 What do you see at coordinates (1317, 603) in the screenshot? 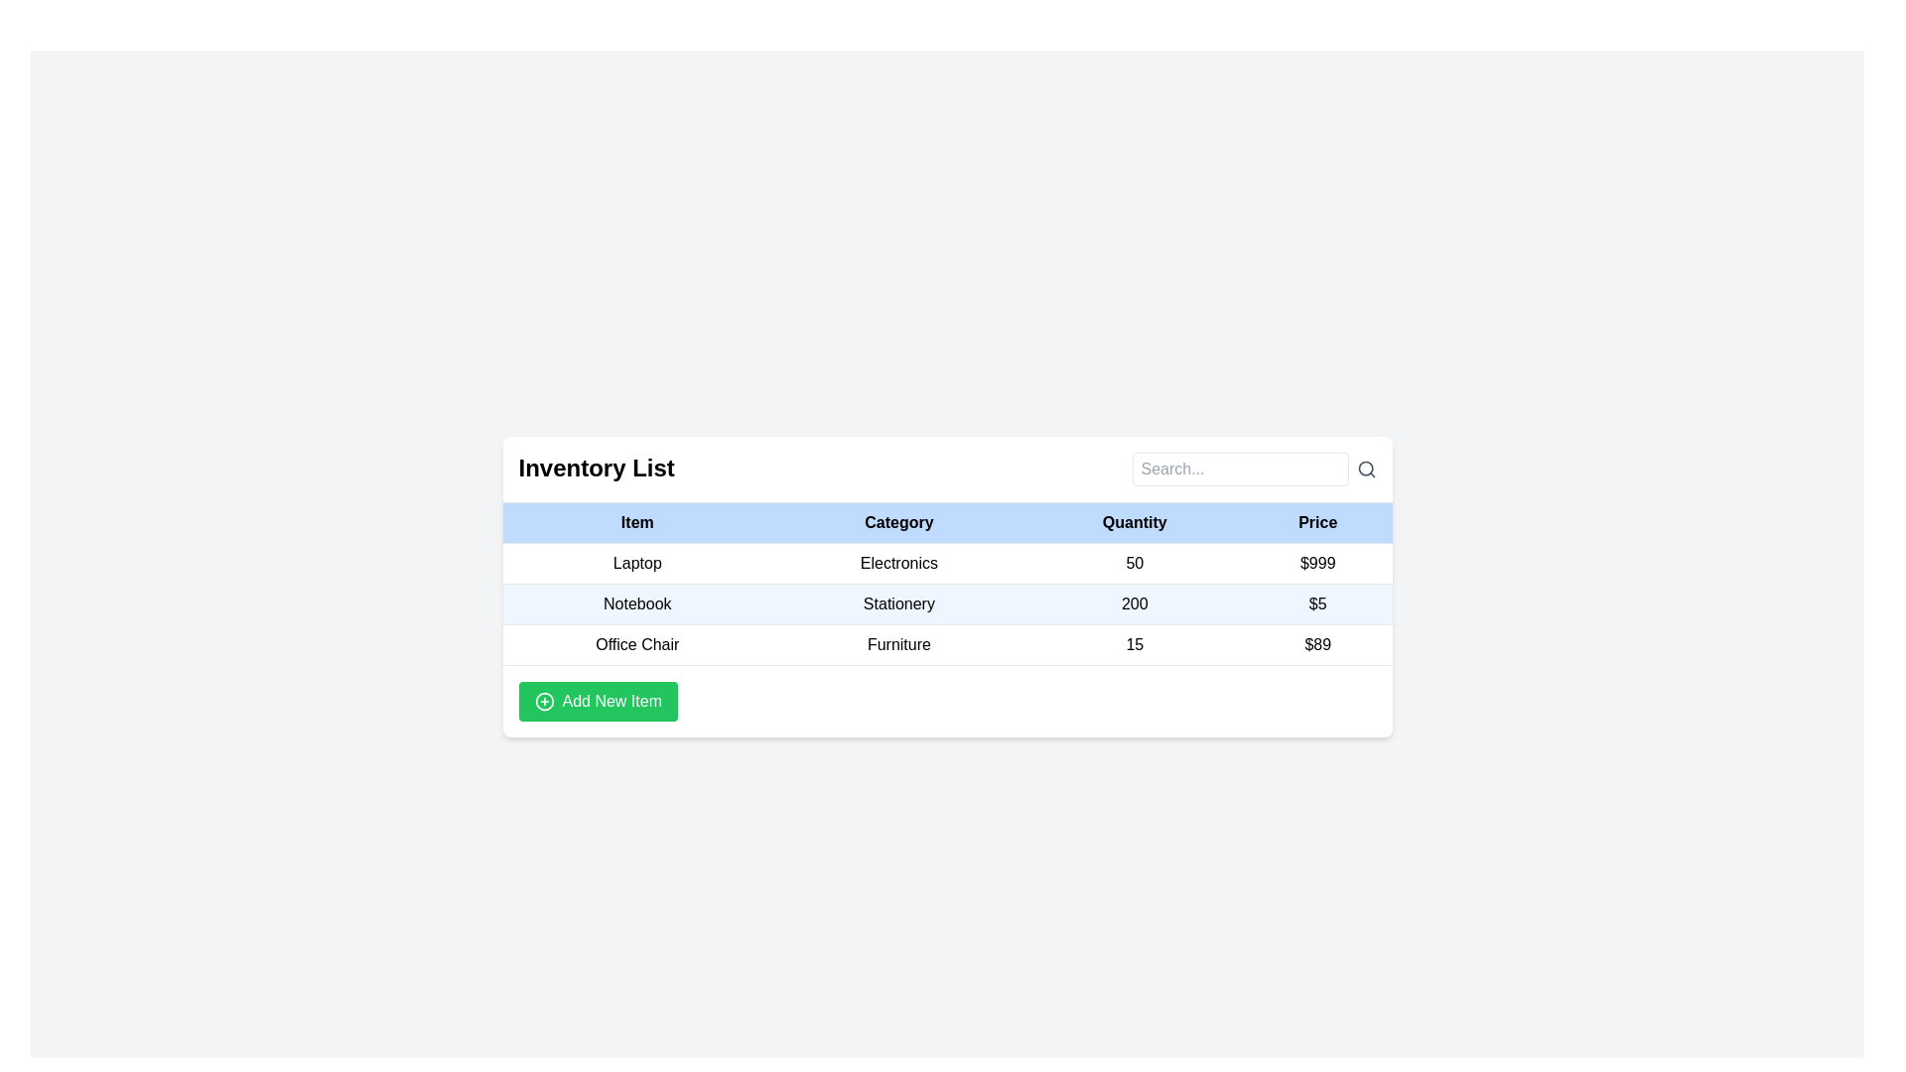
I see `the text label displaying '$5' located under the 'Price' column in the second row for the item 'Notebook'` at bounding box center [1317, 603].